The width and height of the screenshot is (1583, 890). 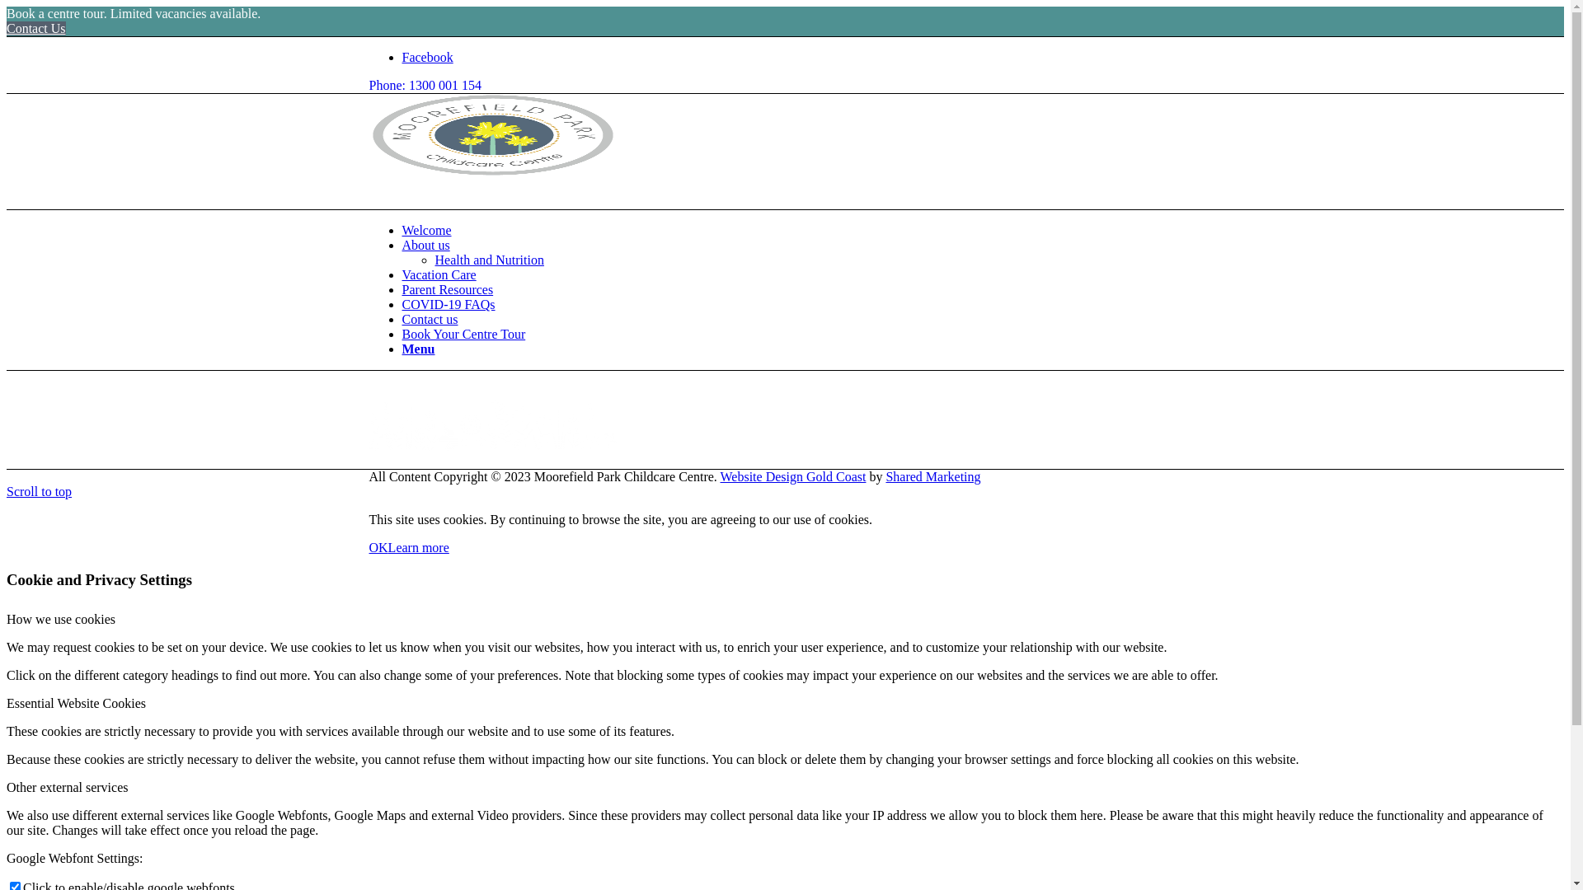 What do you see at coordinates (489, 260) in the screenshot?
I see `'Health and Nutrition'` at bounding box center [489, 260].